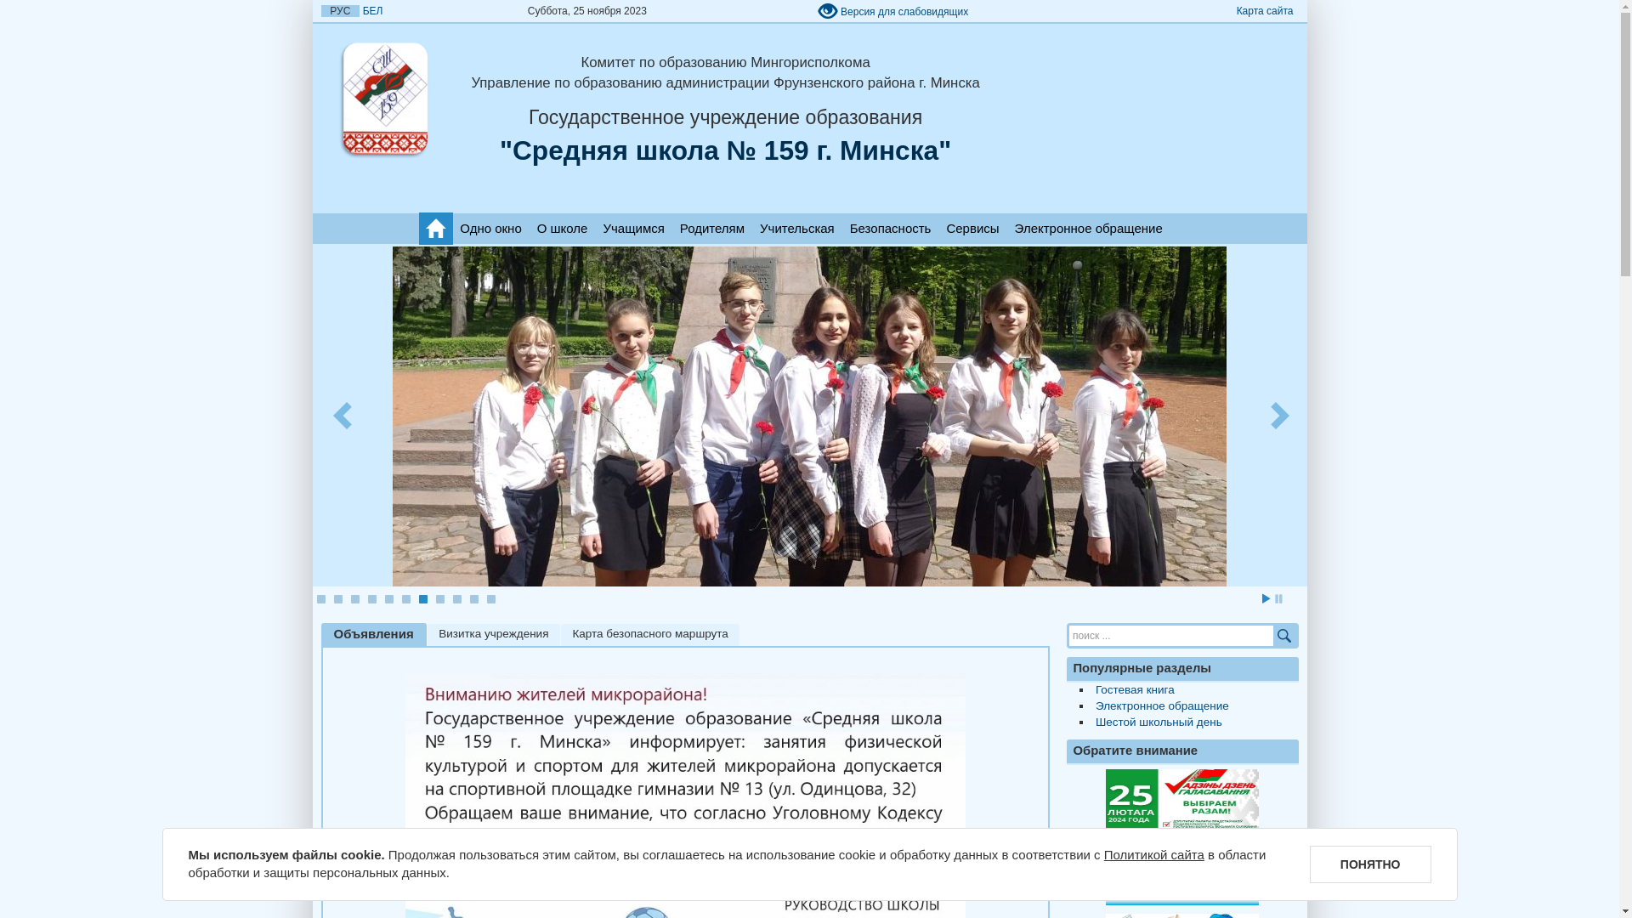  What do you see at coordinates (382, 598) in the screenshot?
I see `'5'` at bounding box center [382, 598].